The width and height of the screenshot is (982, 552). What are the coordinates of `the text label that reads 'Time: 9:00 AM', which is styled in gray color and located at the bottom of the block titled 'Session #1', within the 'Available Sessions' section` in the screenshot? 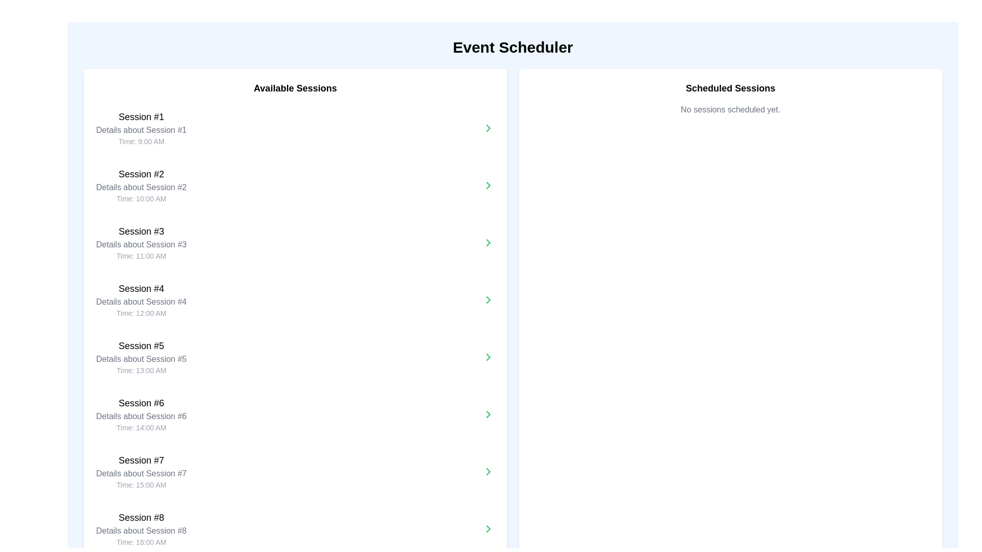 It's located at (141, 142).